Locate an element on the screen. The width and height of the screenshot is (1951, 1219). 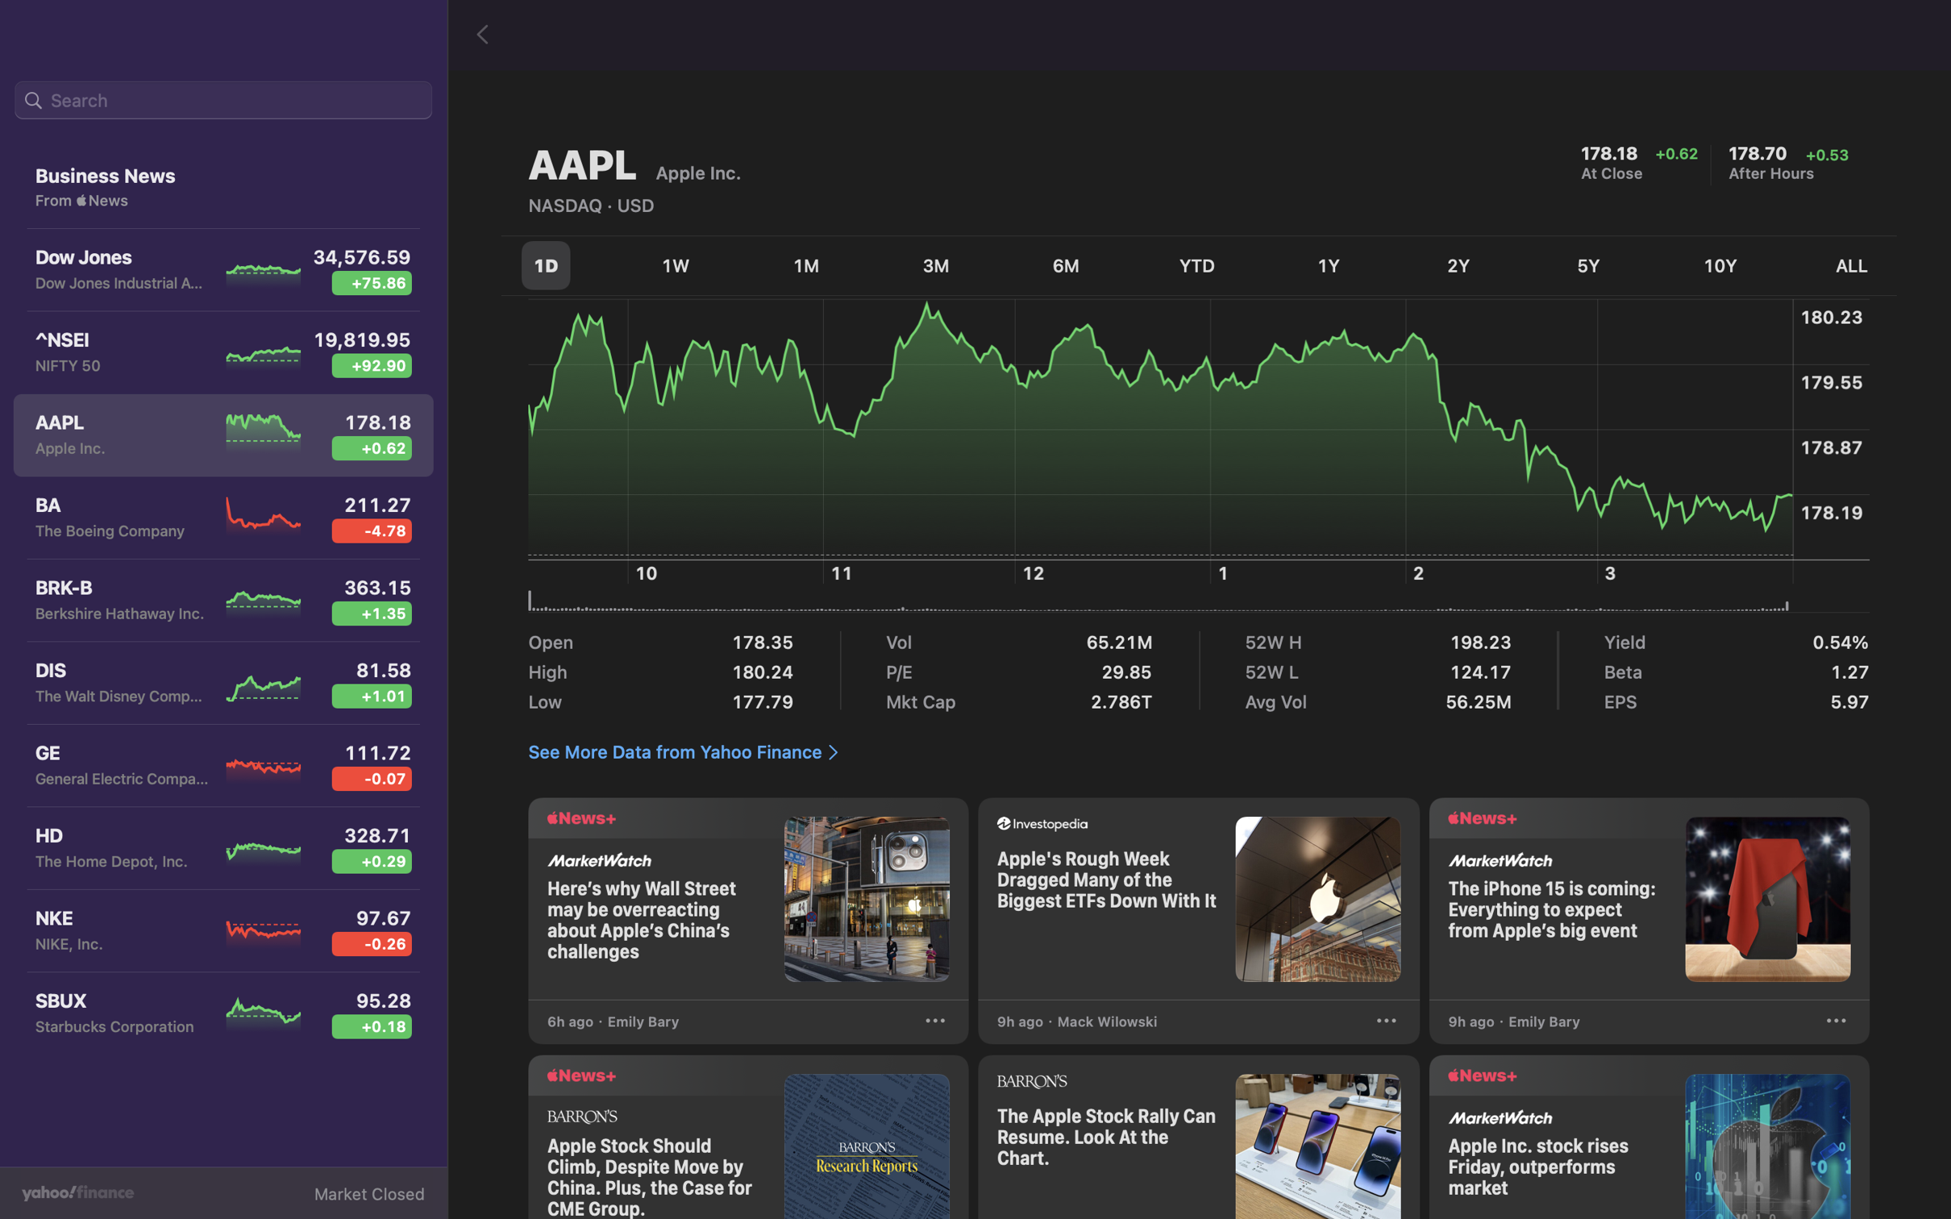
the five-year stock performance is located at coordinates (1592, 265).